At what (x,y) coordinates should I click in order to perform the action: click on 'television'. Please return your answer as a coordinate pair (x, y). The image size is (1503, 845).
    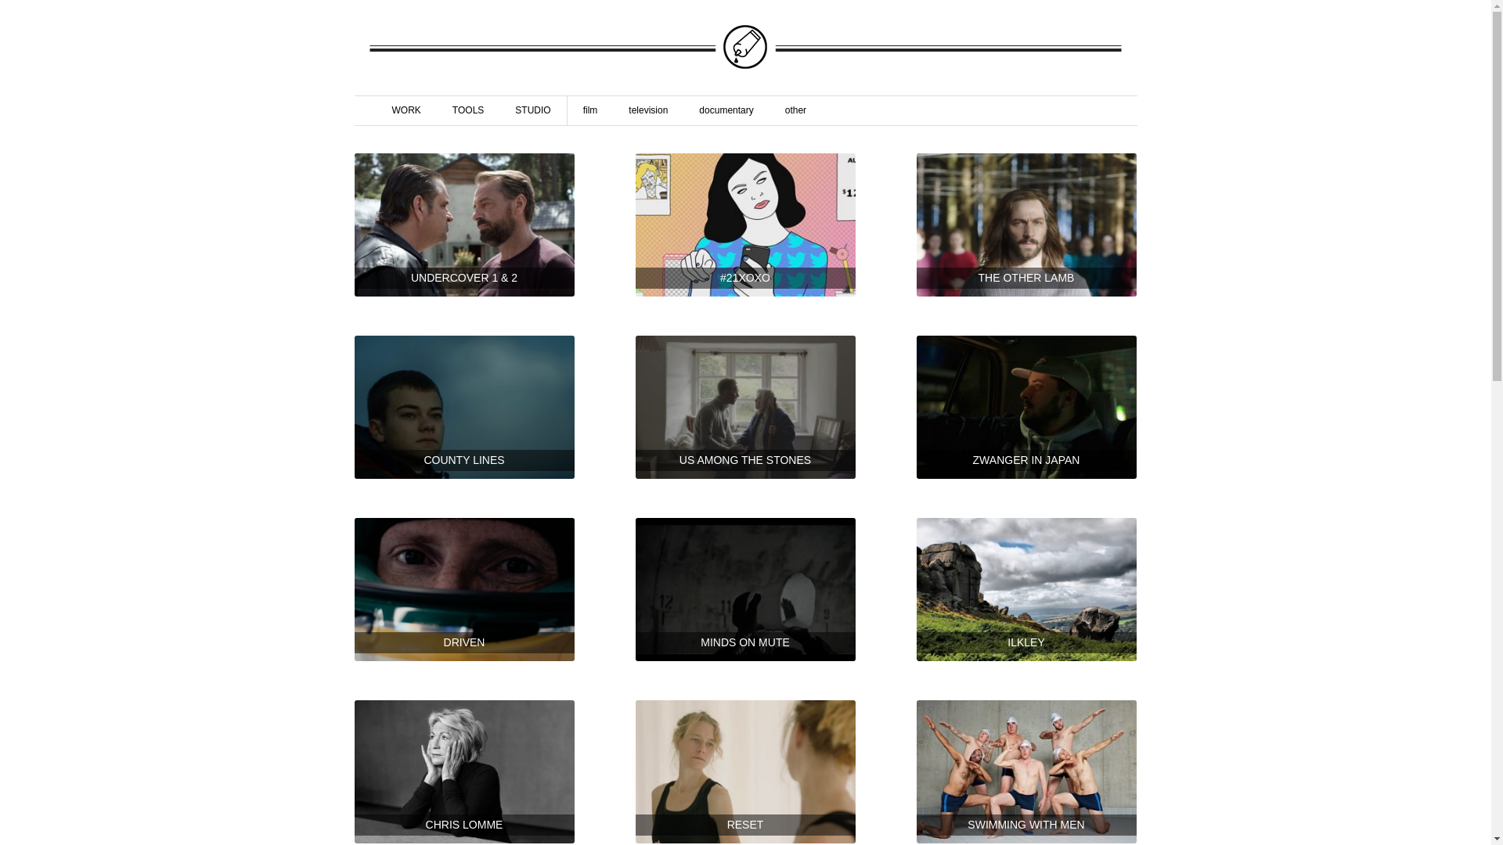
    Looking at the image, I should click on (648, 110).